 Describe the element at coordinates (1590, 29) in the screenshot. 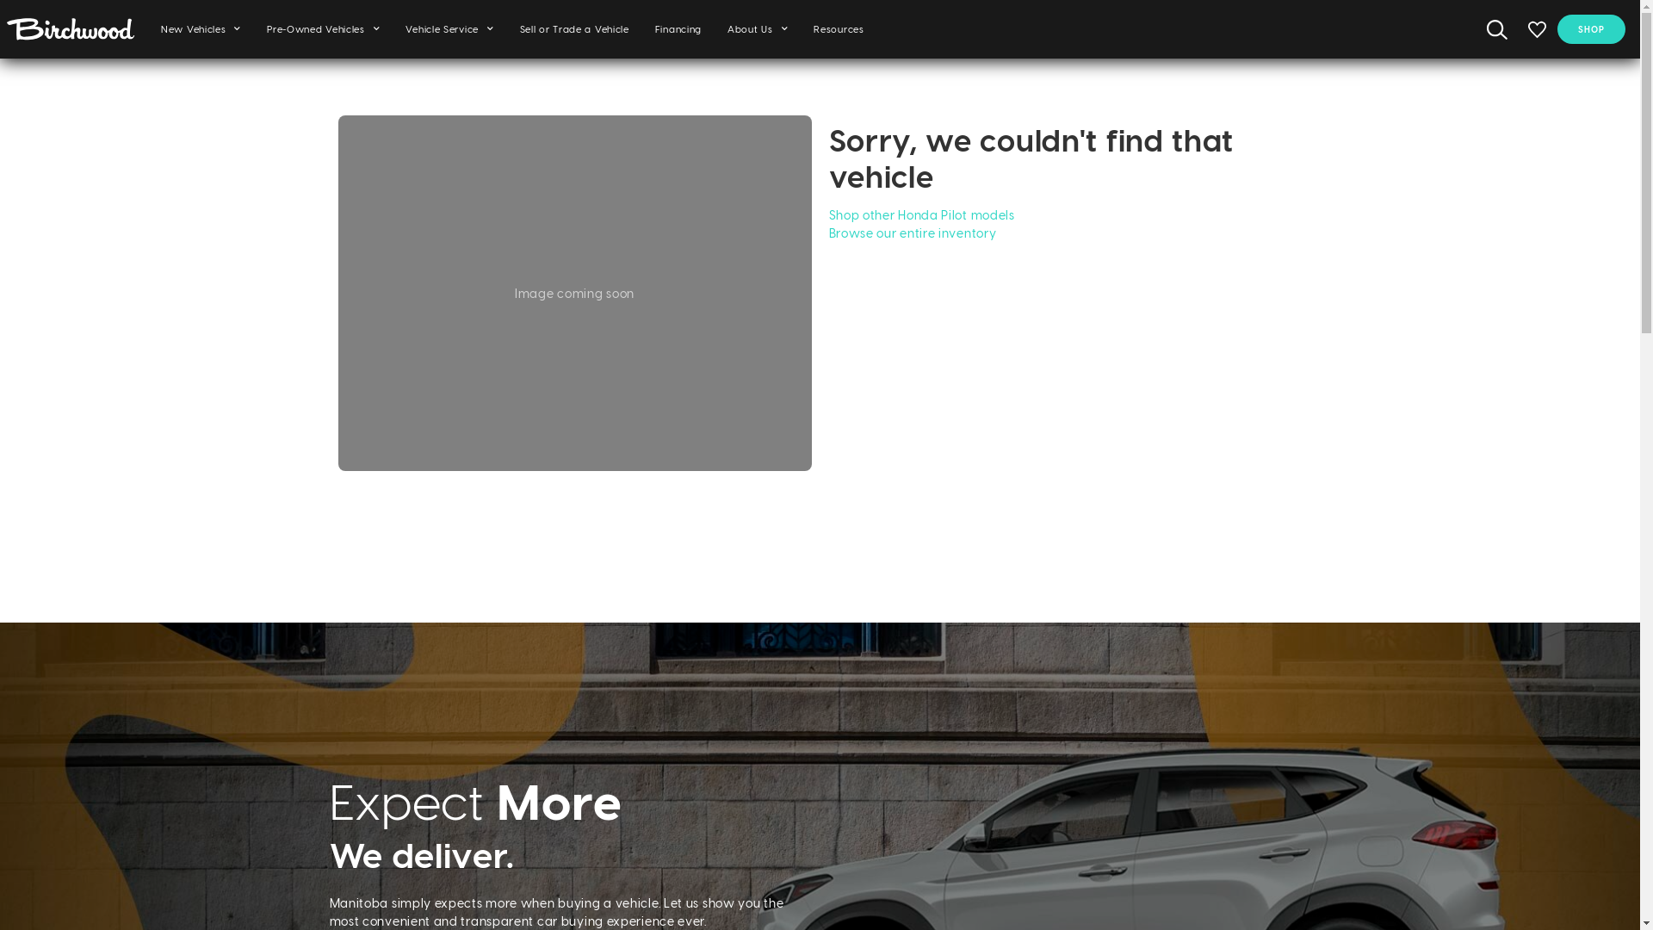

I see `'SHOP'` at that location.